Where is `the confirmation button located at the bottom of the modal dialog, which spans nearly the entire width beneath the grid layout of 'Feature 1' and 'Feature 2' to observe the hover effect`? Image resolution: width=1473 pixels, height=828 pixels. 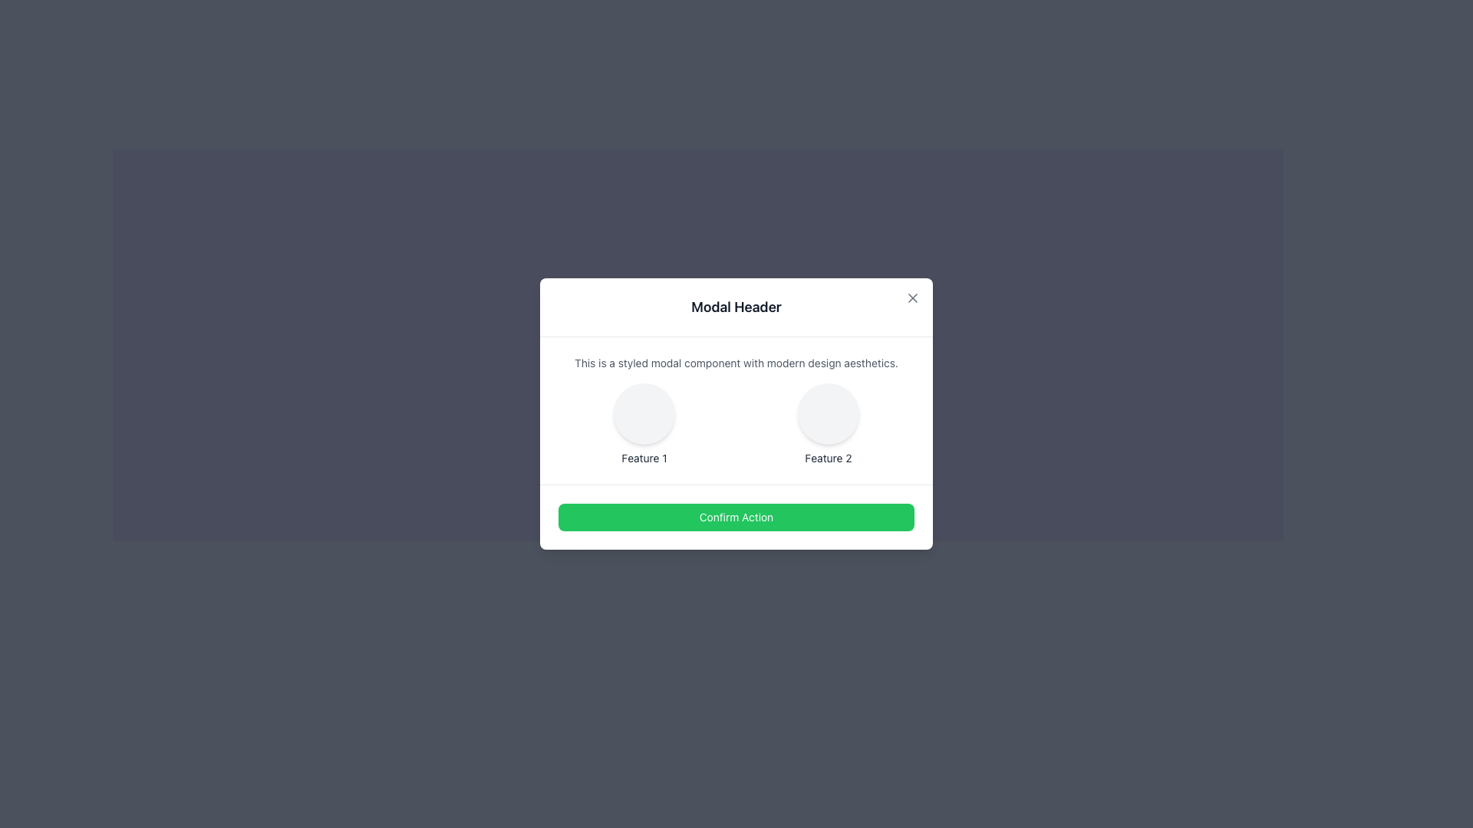
the confirmation button located at the bottom of the modal dialog, which spans nearly the entire width beneath the grid layout of 'Feature 1' and 'Feature 2' to observe the hover effect is located at coordinates (736, 517).